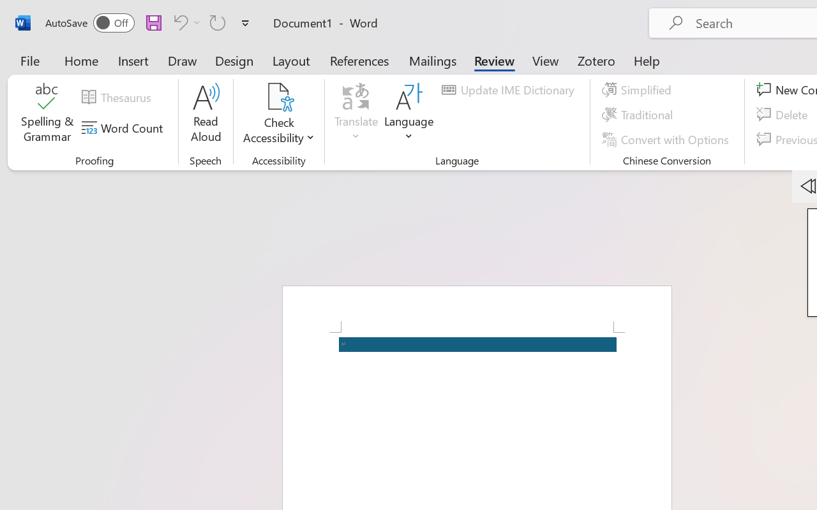 This screenshot has width=817, height=510. I want to click on 'Delete', so click(783, 114).